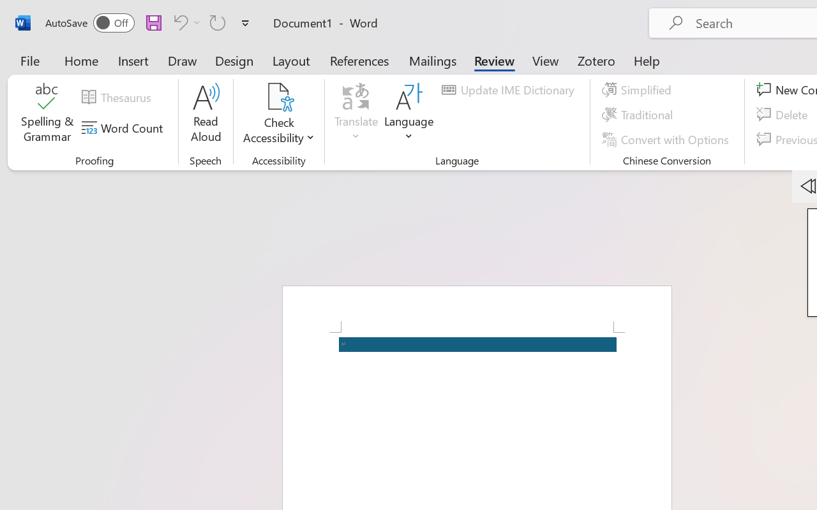 This screenshot has width=817, height=510. I want to click on 'Delete', so click(783, 114).